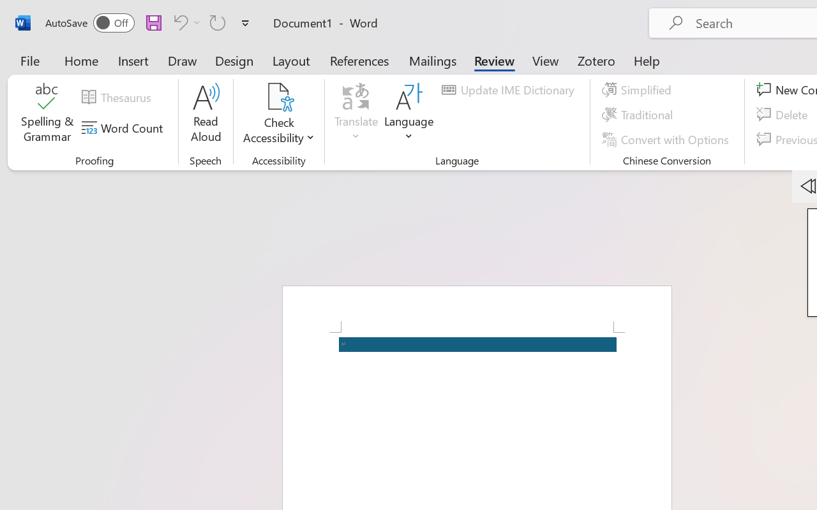 This screenshot has width=817, height=510. I want to click on 'Delete', so click(783, 114).